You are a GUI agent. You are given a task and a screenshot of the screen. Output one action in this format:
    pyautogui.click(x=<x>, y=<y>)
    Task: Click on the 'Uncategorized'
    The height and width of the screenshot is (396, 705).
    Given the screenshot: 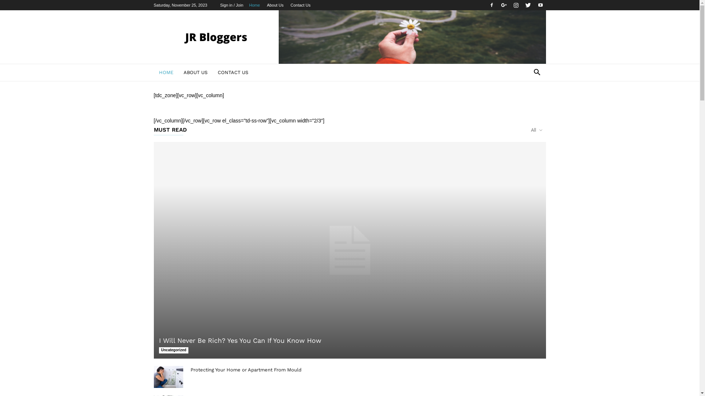 What is the action you would take?
    pyautogui.click(x=158, y=350)
    